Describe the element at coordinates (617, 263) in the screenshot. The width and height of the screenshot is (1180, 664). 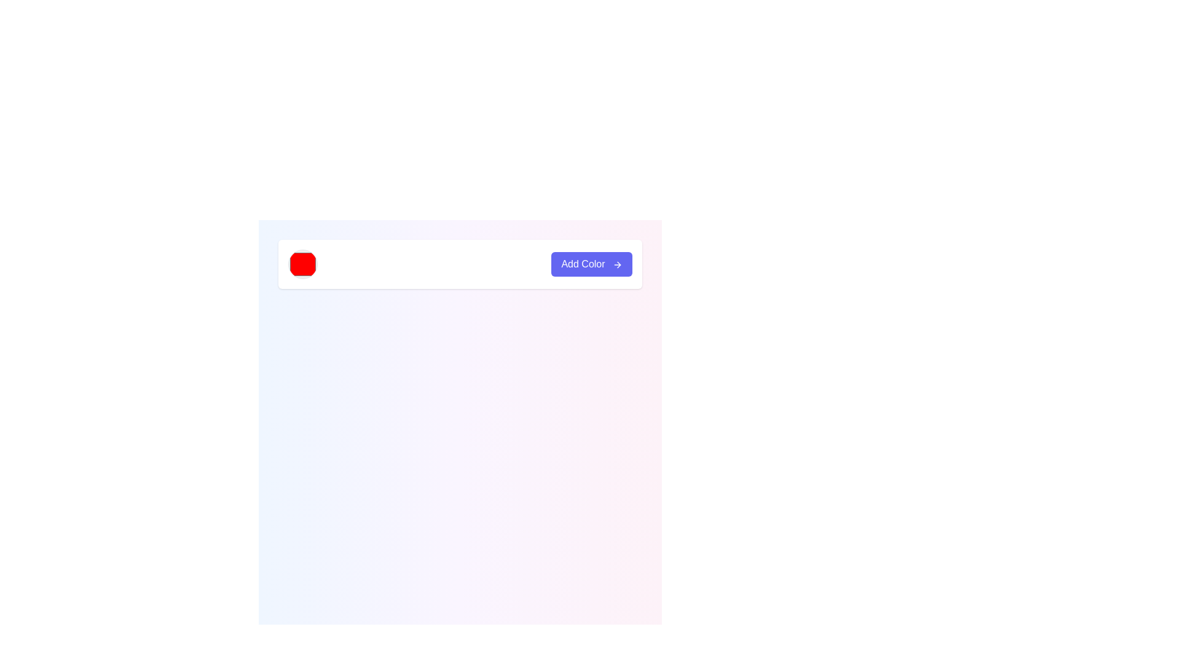
I see `the right arrow icon located inside the 'Add Color' button at the top-right corner of the interface` at that location.